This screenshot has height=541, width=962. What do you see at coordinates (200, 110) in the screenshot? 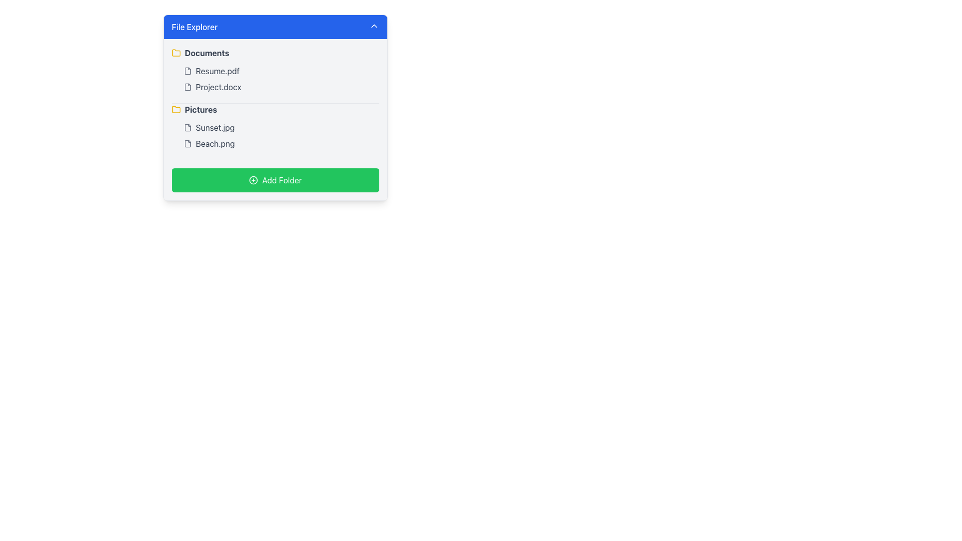
I see `the 'Pictures' text label located in the middle section of the file explorer UI, next to the yellow folder icon` at bounding box center [200, 110].